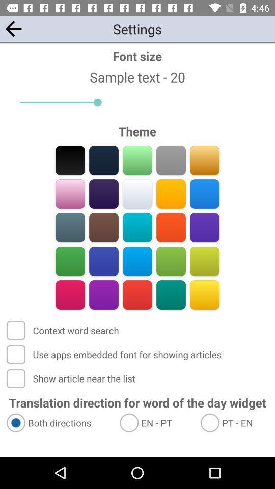 The width and height of the screenshot is (275, 489). I want to click on context word search, so click(64, 330).